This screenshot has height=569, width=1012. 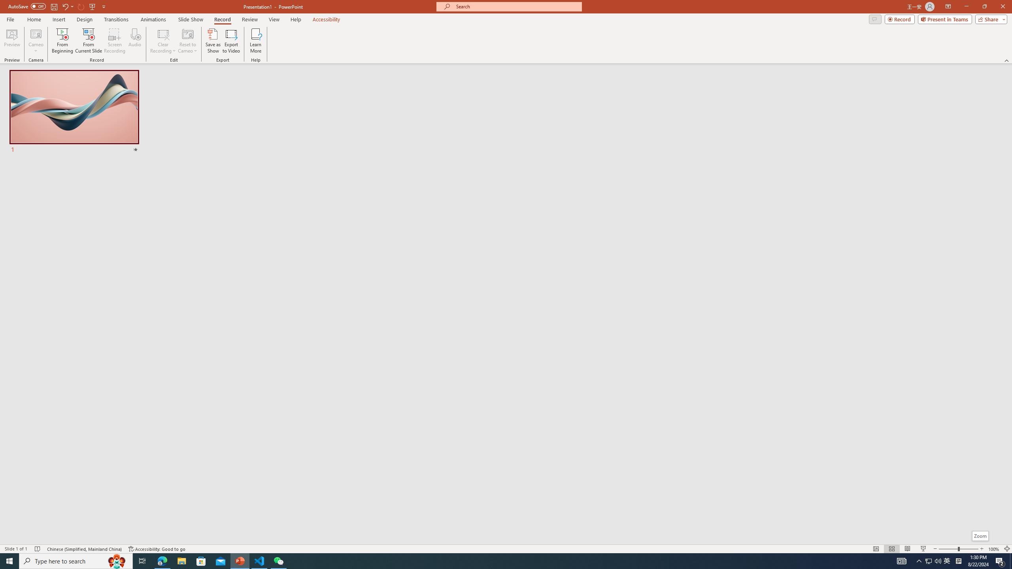 I want to click on 'Export to Video', so click(x=230, y=41).